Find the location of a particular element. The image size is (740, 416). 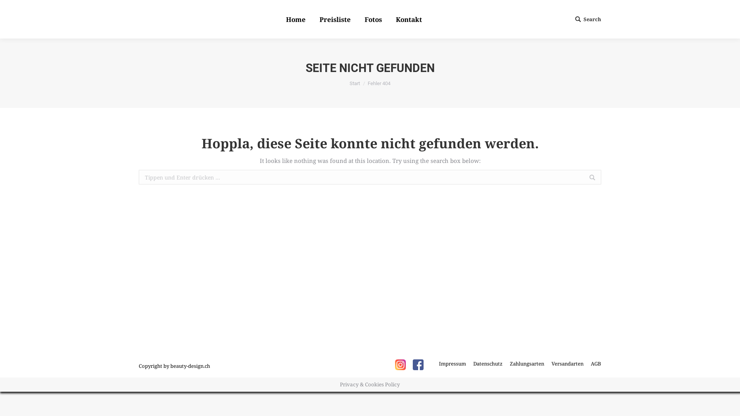

'Zahlungsarten' is located at coordinates (526, 364).